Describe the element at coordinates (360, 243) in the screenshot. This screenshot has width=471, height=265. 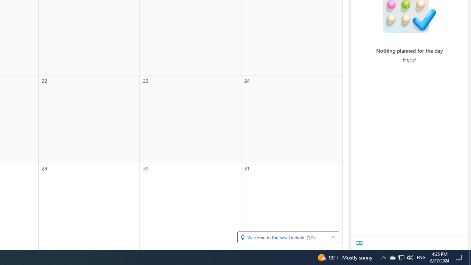
I see `'Toggle agenda pane'` at that location.